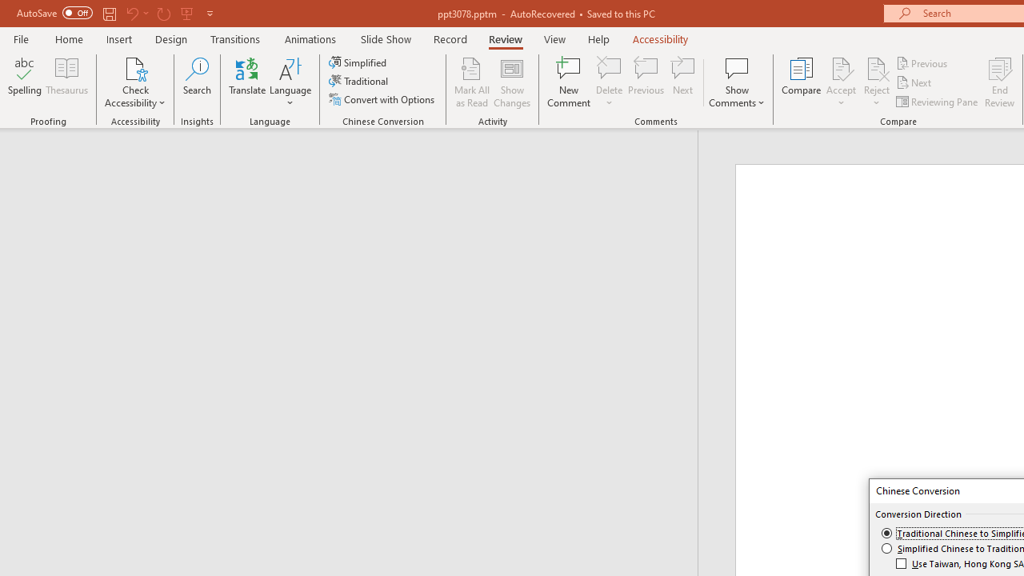  What do you see at coordinates (802, 82) in the screenshot?
I see `'Compare'` at bounding box center [802, 82].